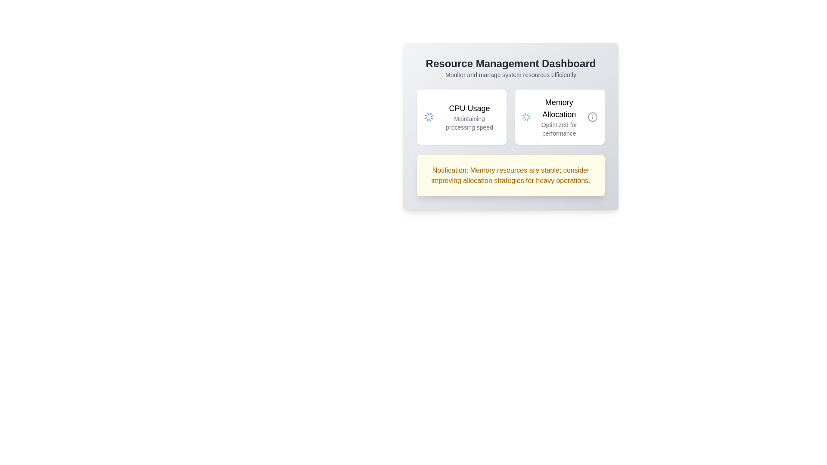 Image resolution: width=827 pixels, height=465 pixels. What do you see at coordinates (510, 117) in the screenshot?
I see `the activity icons in the multi-panel display titled 'Resource Management Dashboard'` at bounding box center [510, 117].